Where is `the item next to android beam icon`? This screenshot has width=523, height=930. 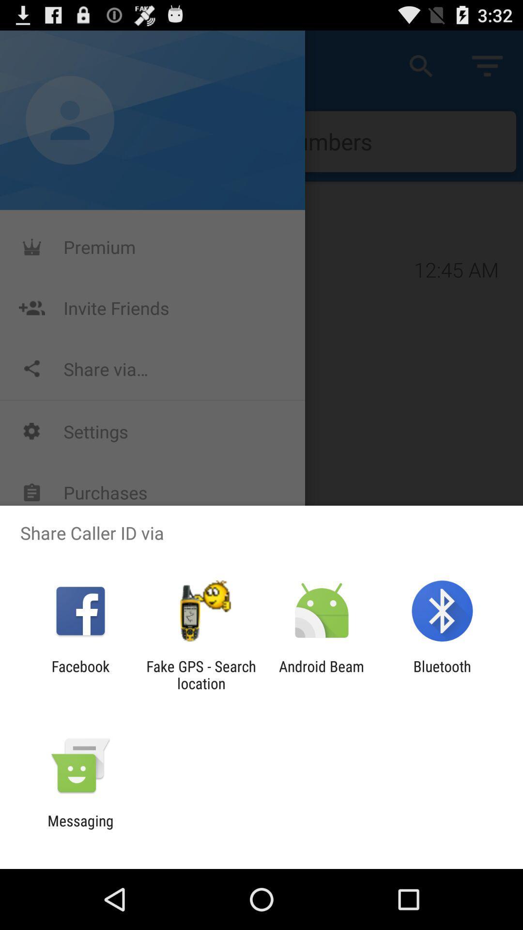
the item next to android beam icon is located at coordinates (200, 674).